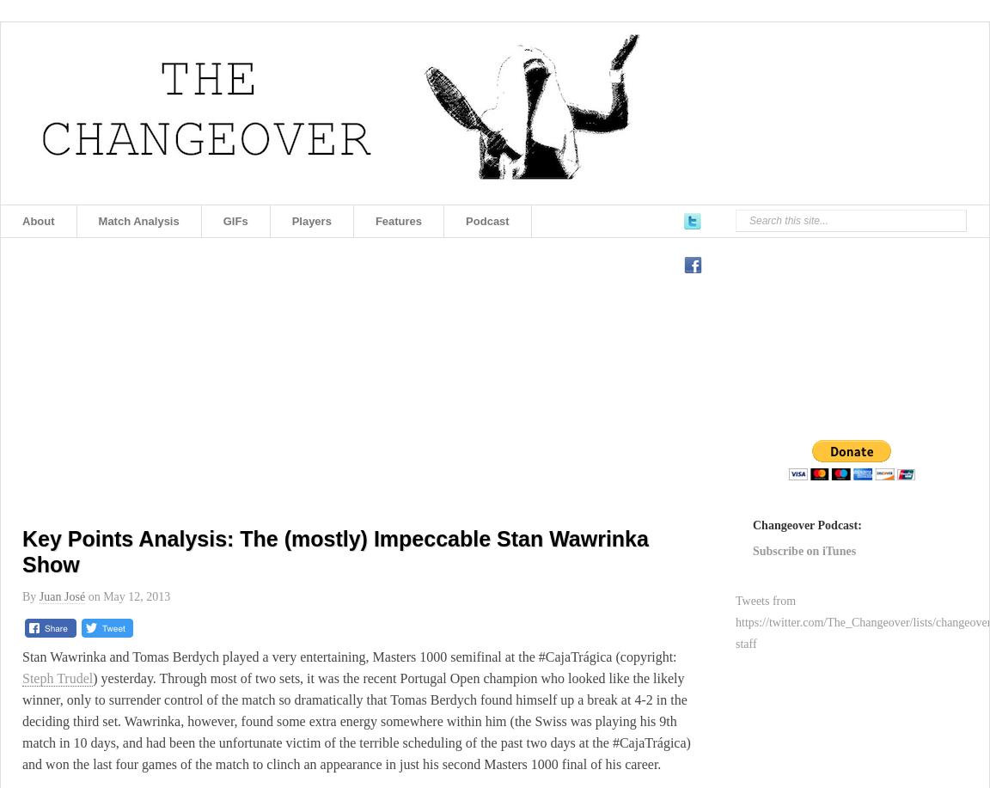 This screenshot has width=990, height=788. I want to click on 'on', so click(93, 596).